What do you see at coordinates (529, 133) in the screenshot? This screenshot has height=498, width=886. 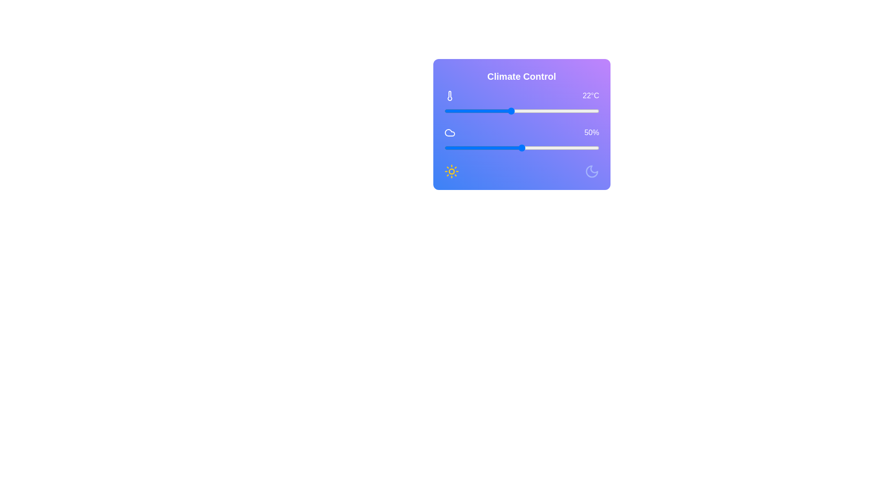 I see `the slider` at bounding box center [529, 133].